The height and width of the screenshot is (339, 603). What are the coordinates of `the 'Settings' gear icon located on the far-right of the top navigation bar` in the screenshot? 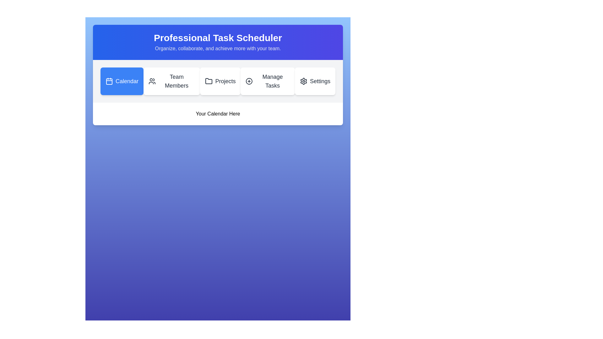 It's located at (303, 81).